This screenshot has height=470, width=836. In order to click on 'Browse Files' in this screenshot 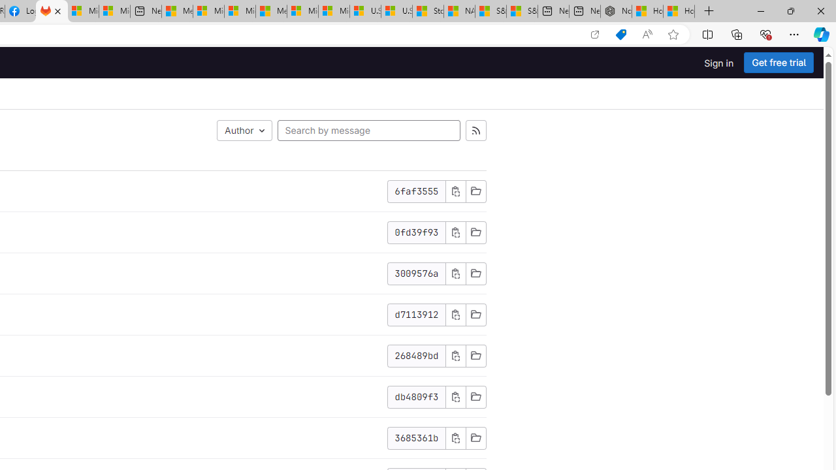, I will do `click(475, 438)`.